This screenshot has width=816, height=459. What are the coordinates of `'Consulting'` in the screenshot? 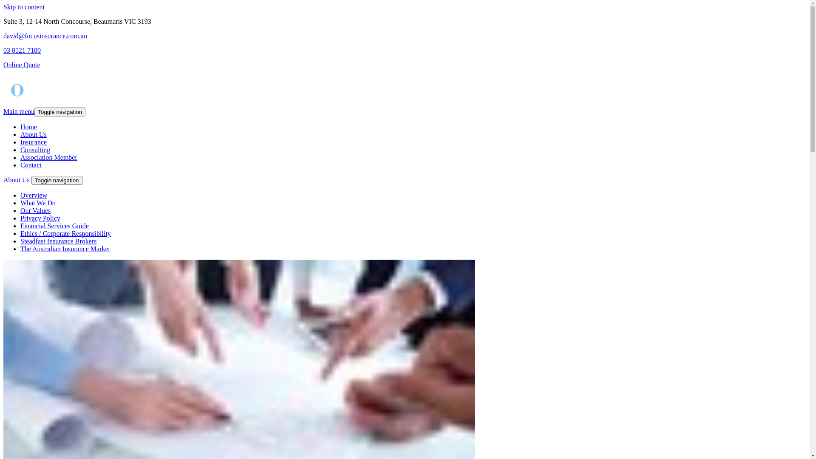 It's located at (34, 149).